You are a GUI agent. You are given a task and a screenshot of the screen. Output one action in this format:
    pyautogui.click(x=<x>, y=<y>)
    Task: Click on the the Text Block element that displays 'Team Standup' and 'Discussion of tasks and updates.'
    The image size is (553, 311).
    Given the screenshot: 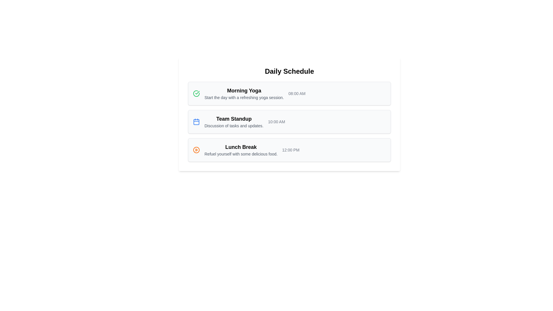 What is the action you would take?
    pyautogui.click(x=234, y=122)
    